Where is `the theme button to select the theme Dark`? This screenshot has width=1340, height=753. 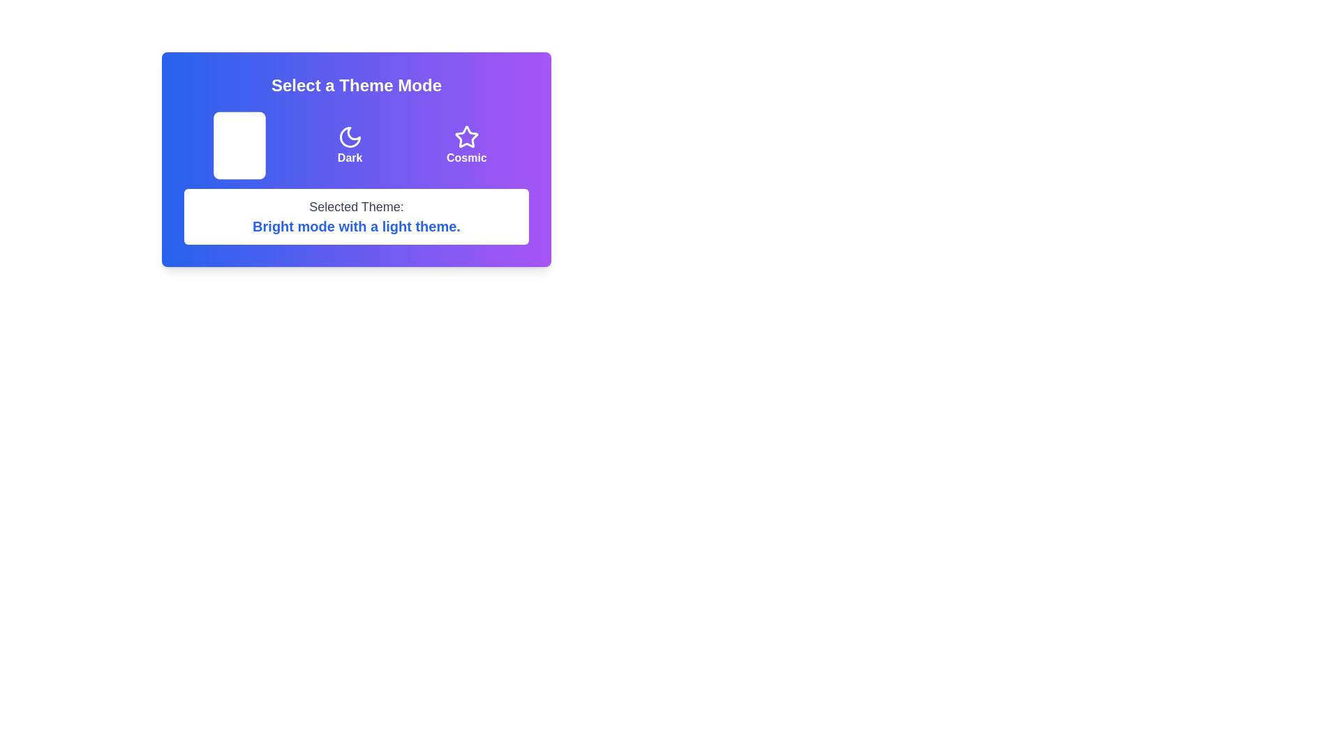
the theme button to select the theme Dark is located at coordinates (350, 145).